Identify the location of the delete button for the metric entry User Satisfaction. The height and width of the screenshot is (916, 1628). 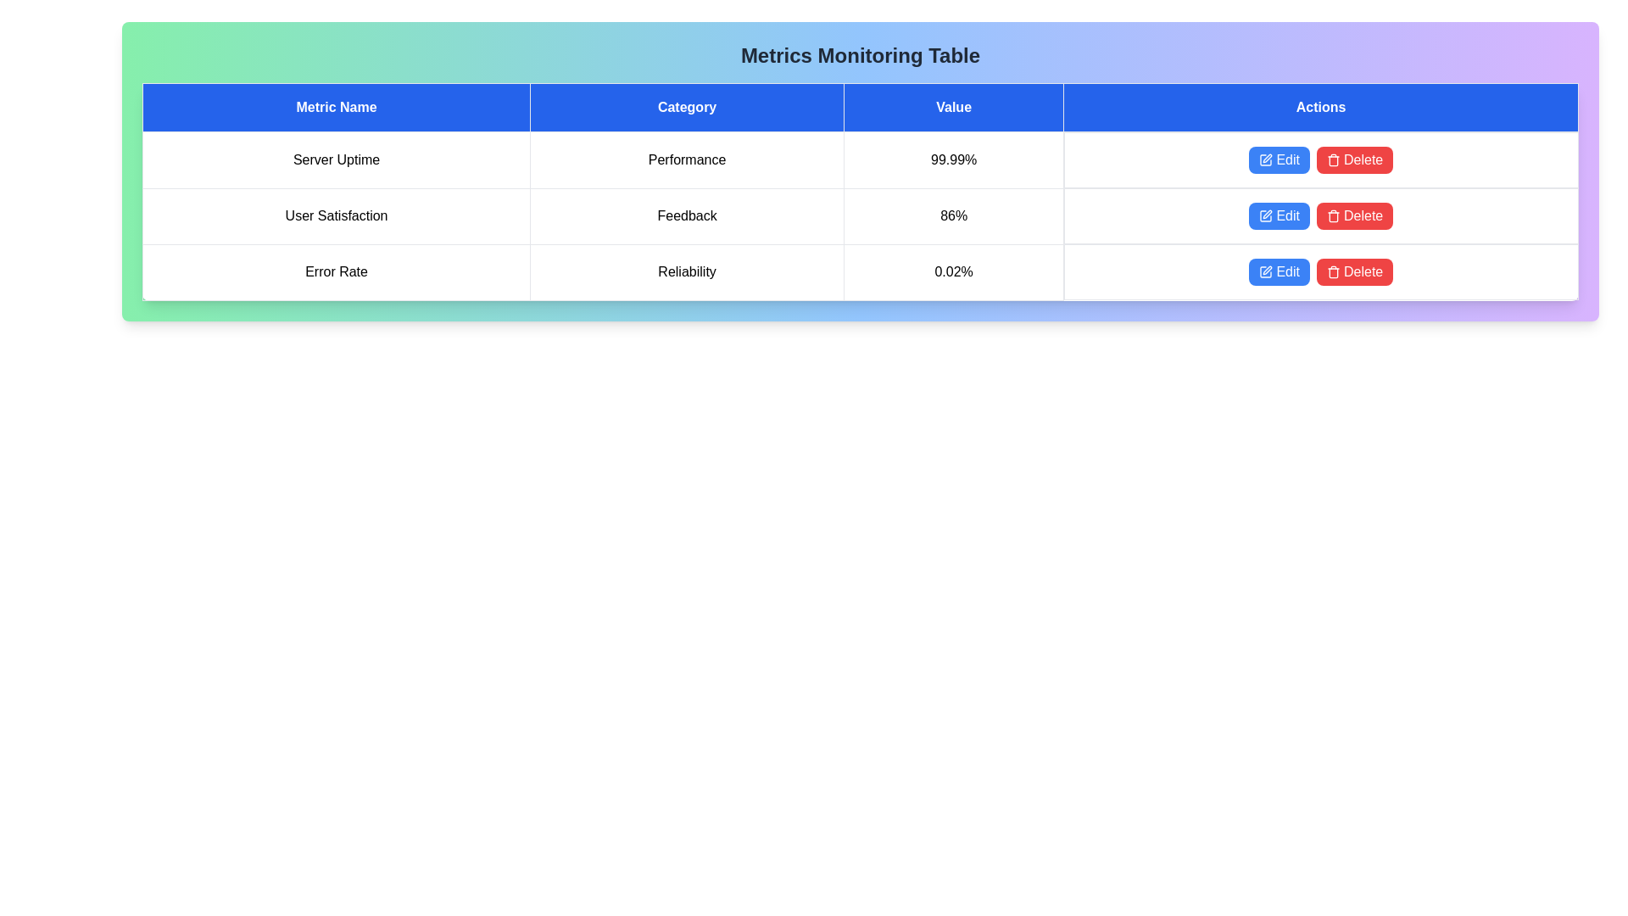
(1354, 215).